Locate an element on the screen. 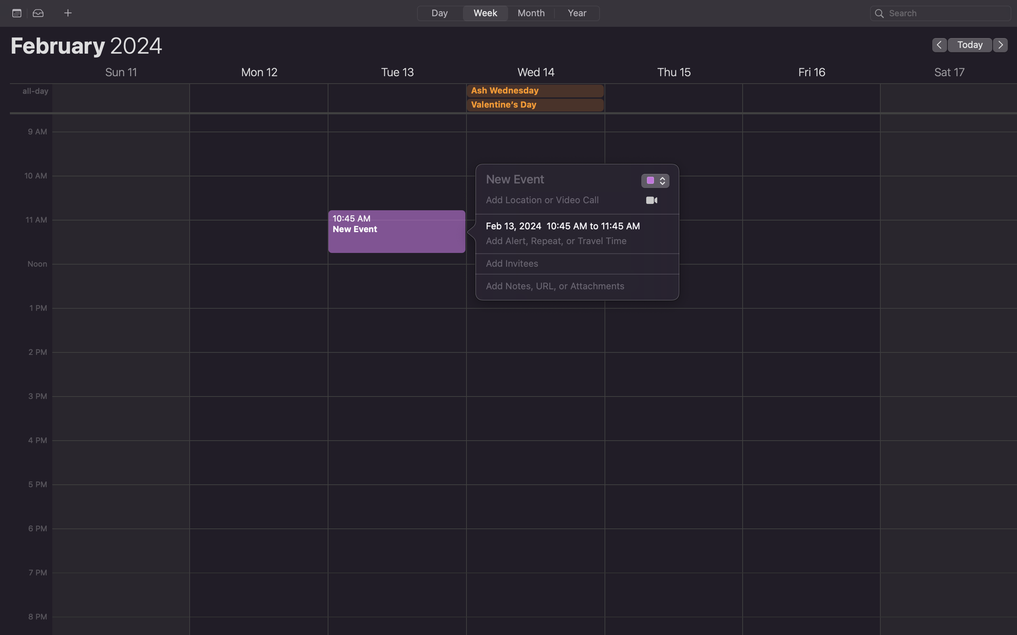  Add the invitee with email "bob@gmail.com" is located at coordinates (568, 264).